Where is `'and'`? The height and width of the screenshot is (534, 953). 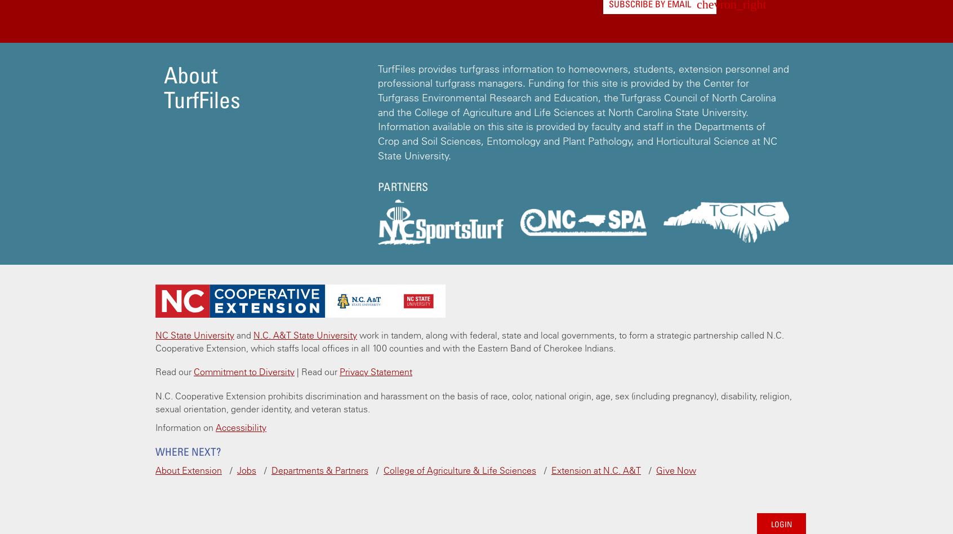
'and' is located at coordinates (243, 334).